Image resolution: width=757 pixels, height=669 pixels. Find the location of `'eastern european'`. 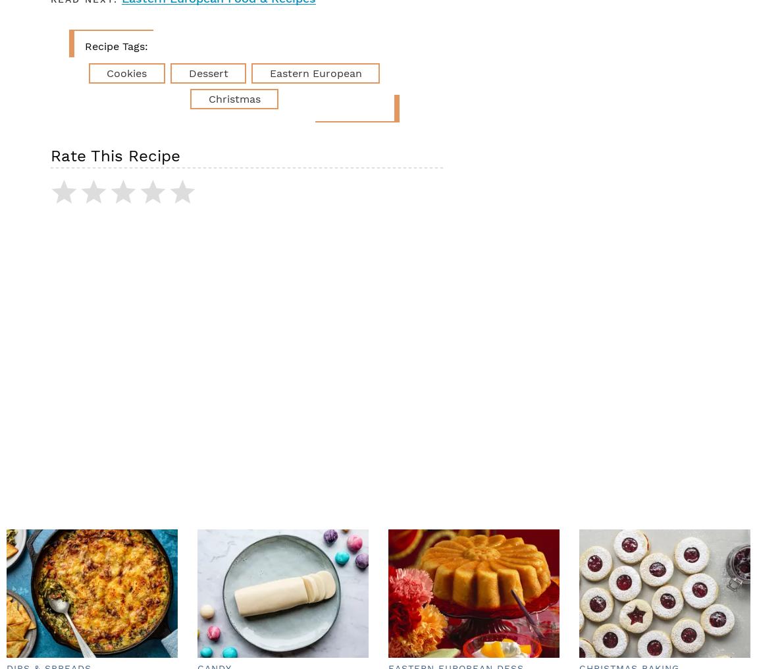

'eastern european' is located at coordinates (315, 72).